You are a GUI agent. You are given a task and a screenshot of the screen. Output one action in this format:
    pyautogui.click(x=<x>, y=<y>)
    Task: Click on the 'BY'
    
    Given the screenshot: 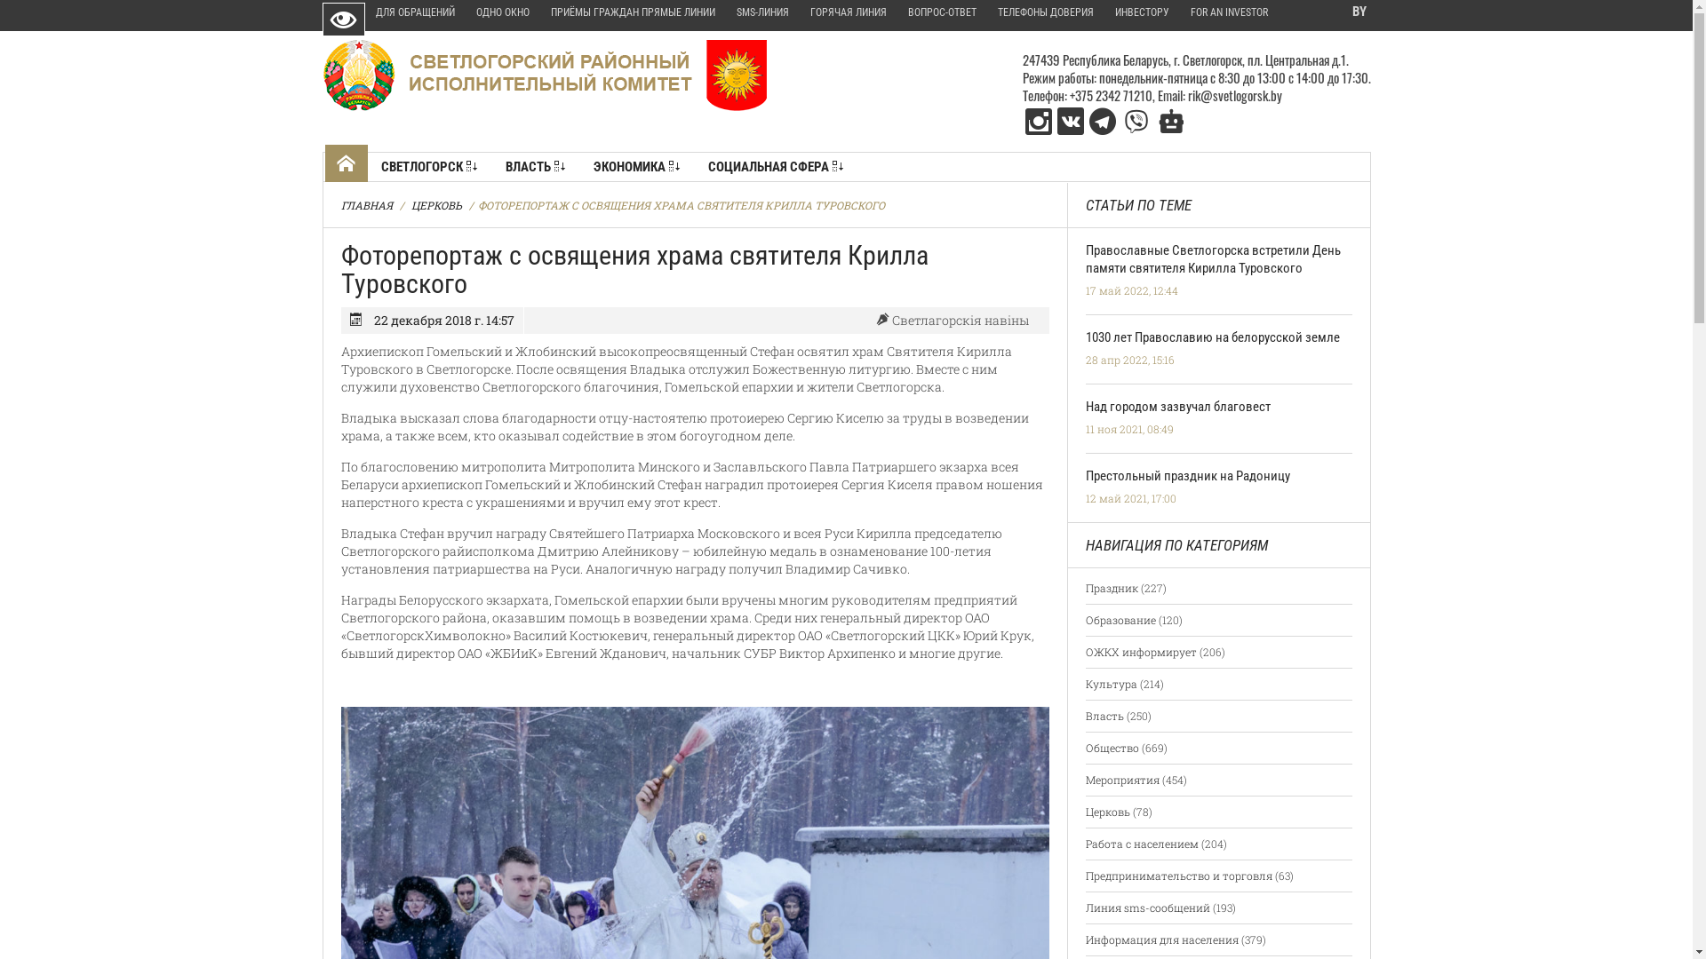 What is the action you would take?
    pyautogui.click(x=1356, y=12)
    